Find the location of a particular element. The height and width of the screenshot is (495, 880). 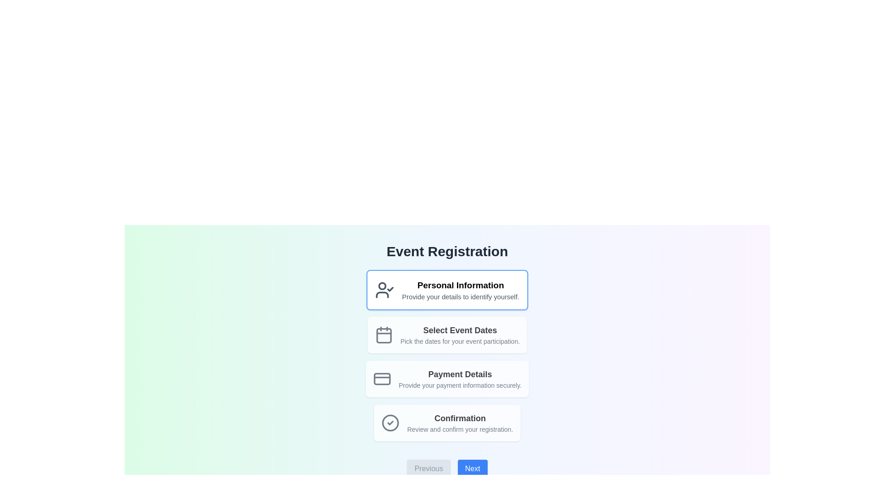

the informational text block that provides subtitles and description for the 'Payment Details' section, which is the third item in the vertical stack of options is located at coordinates (460, 379).